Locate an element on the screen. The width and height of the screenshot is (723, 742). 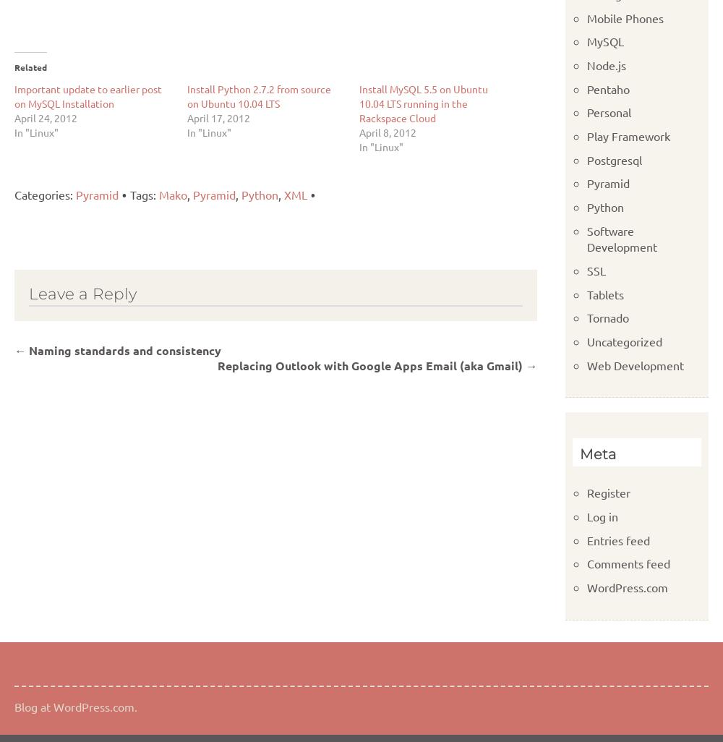
'Pentaho' is located at coordinates (607, 88).